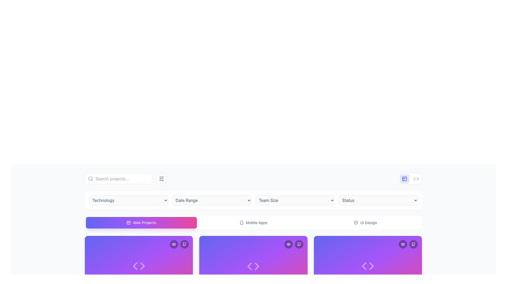  I want to click on the third button in the horizontal series of three buttons, located to the right of the 'Mobile Apps' button, so click(365, 223).